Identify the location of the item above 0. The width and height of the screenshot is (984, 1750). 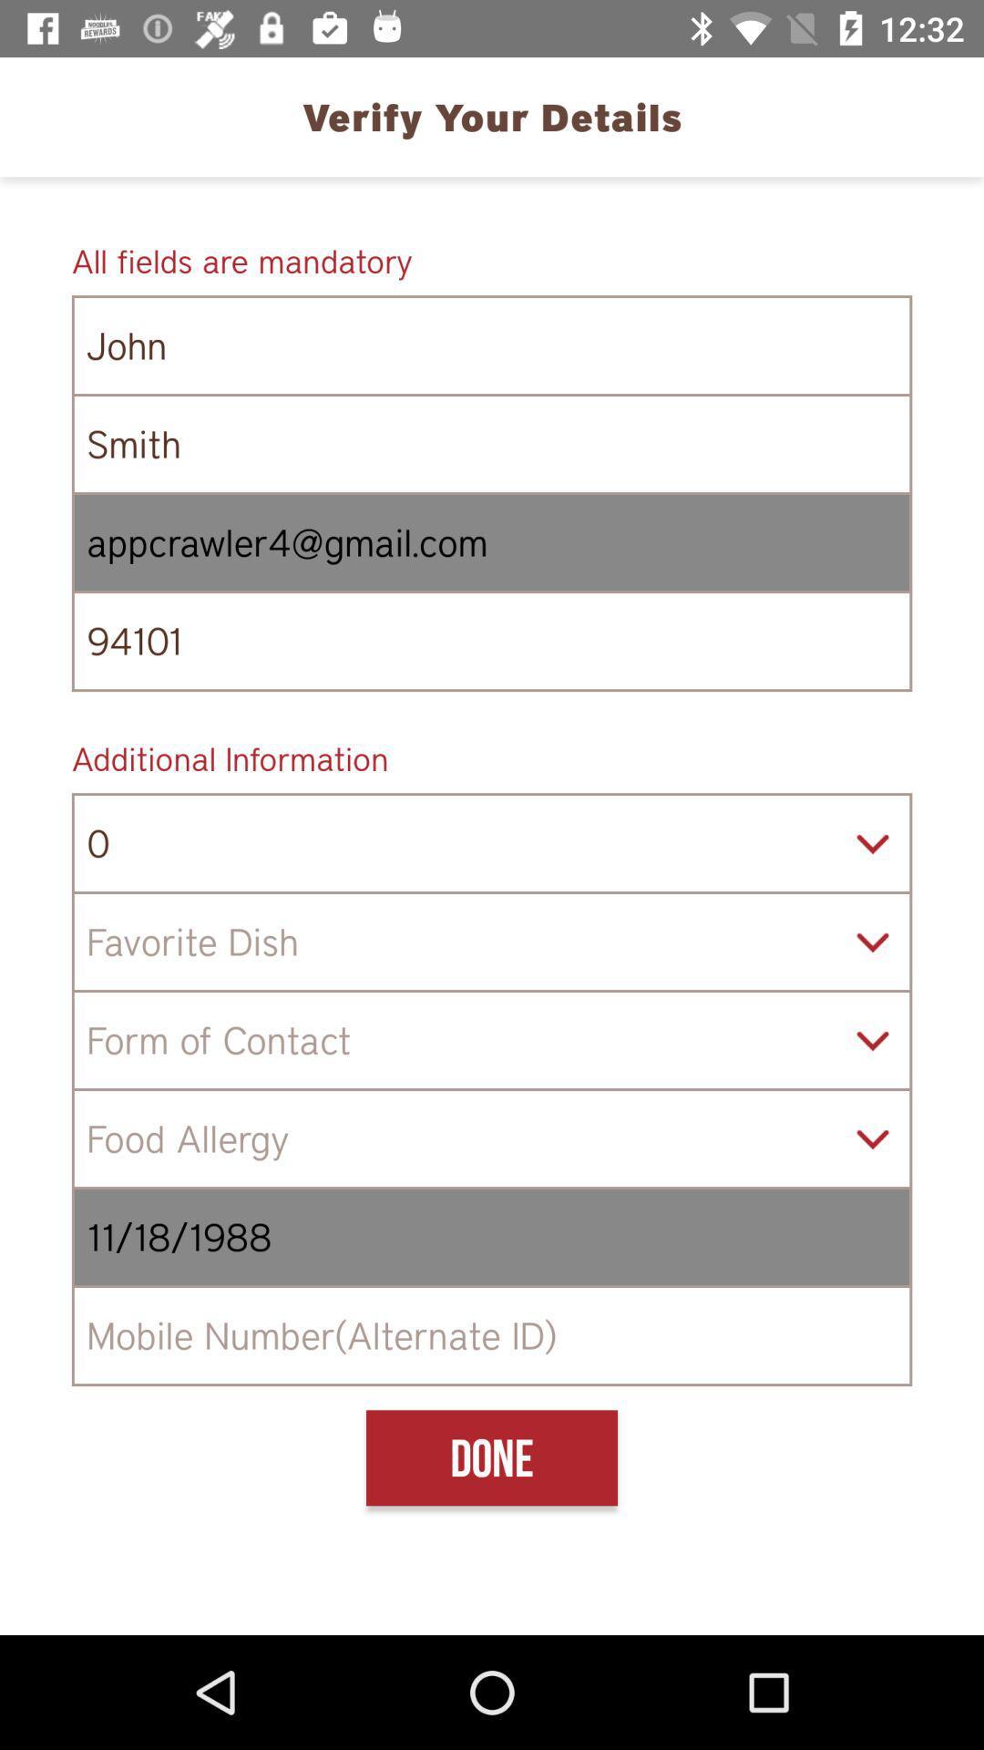
(492, 758).